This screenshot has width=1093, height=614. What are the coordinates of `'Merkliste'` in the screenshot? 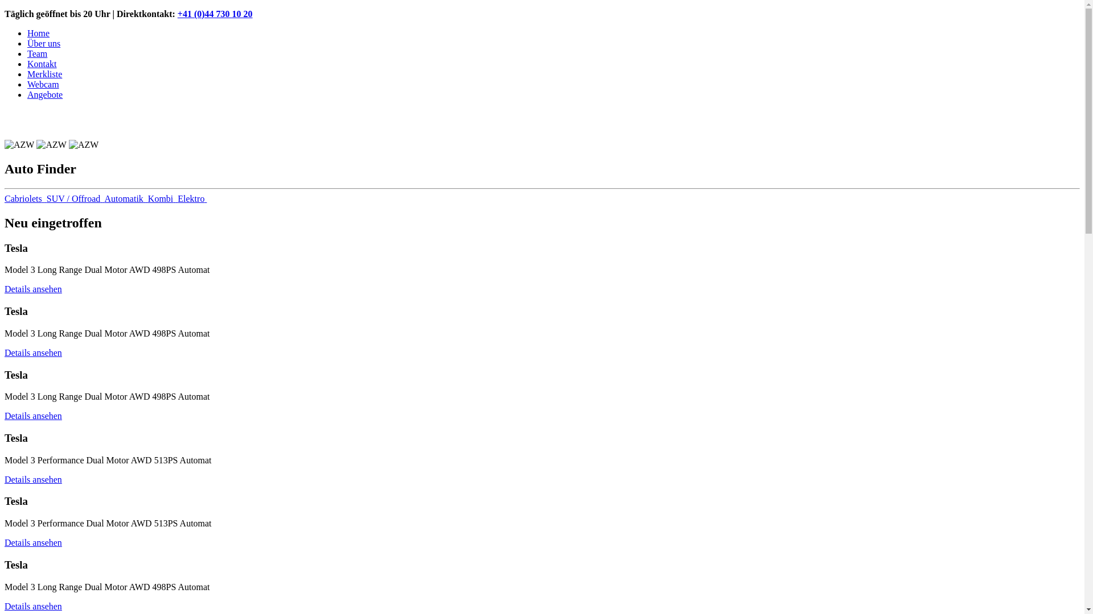 It's located at (44, 74).